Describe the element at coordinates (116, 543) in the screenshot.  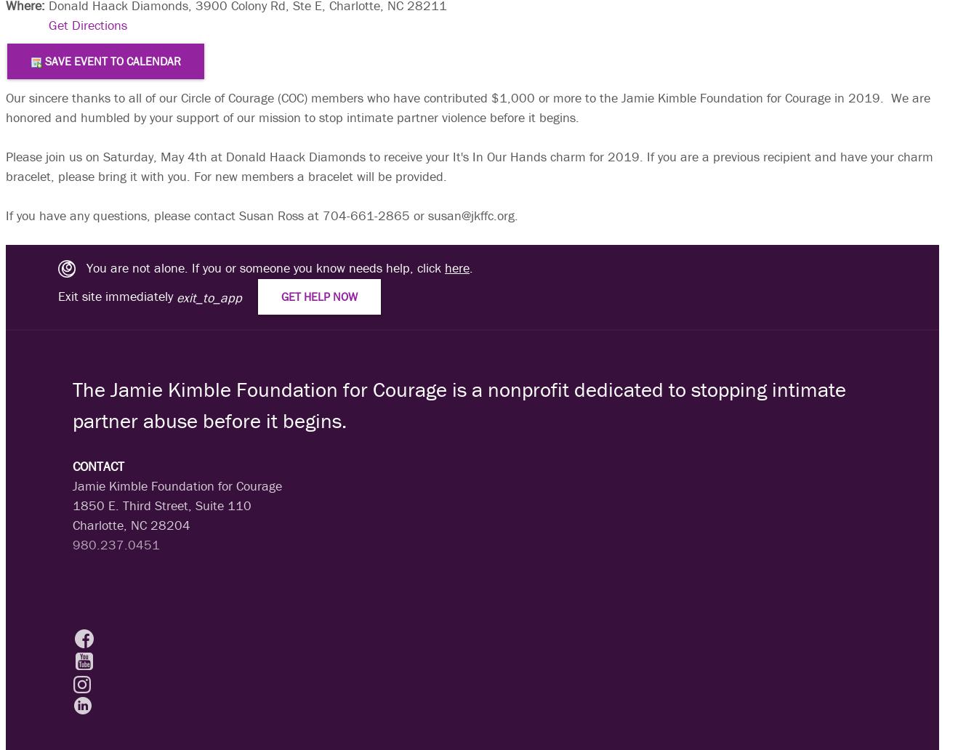
I see `'980.237.0451'` at that location.